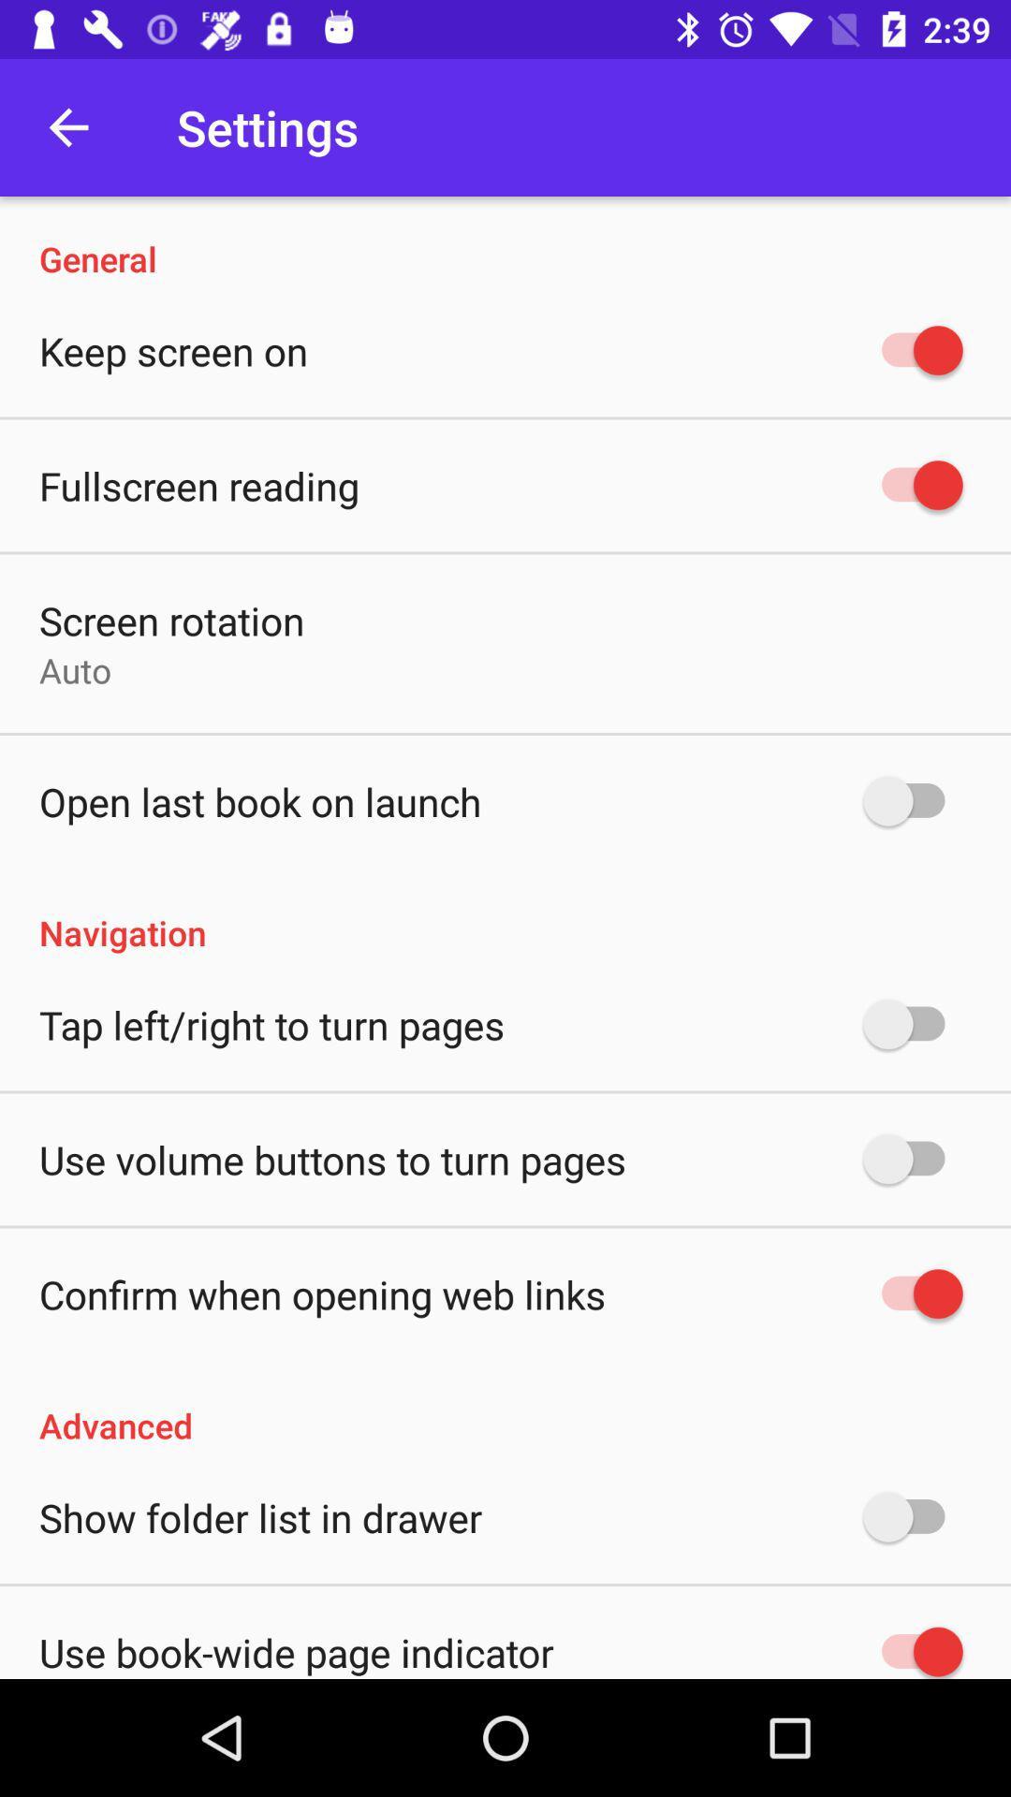 The height and width of the screenshot is (1797, 1011). What do you see at coordinates (331, 1158) in the screenshot?
I see `the icon above confirm when opening item` at bounding box center [331, 1158].